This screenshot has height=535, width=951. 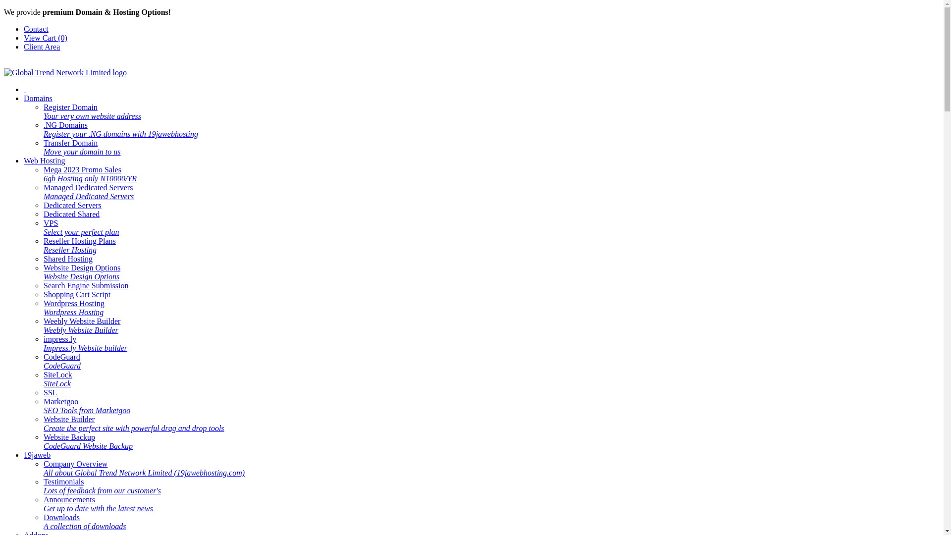 I want to click on 'SSL', so click(x=50, y=392).